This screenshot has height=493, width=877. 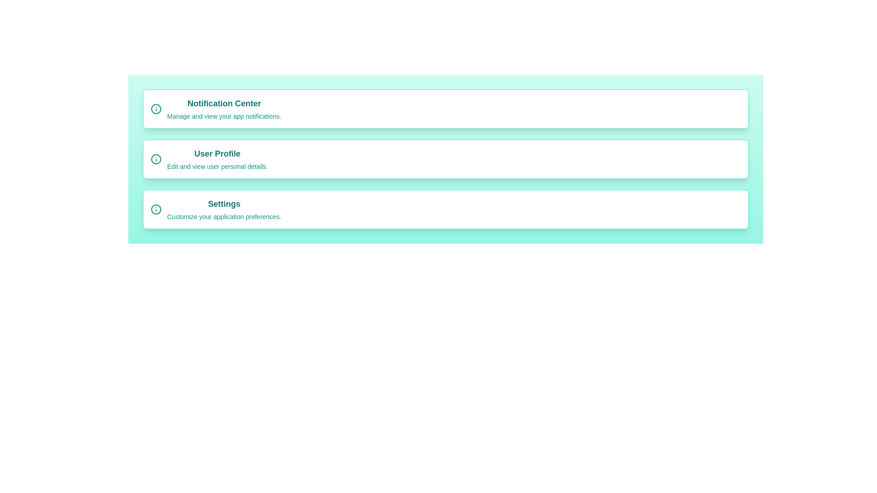 What do you see at coordinates (156, 158) in the screenshot?
I see `the informational indicator icon located to the left of the 'User Profile' title in the card-like section` at bounding box center [156, 158].